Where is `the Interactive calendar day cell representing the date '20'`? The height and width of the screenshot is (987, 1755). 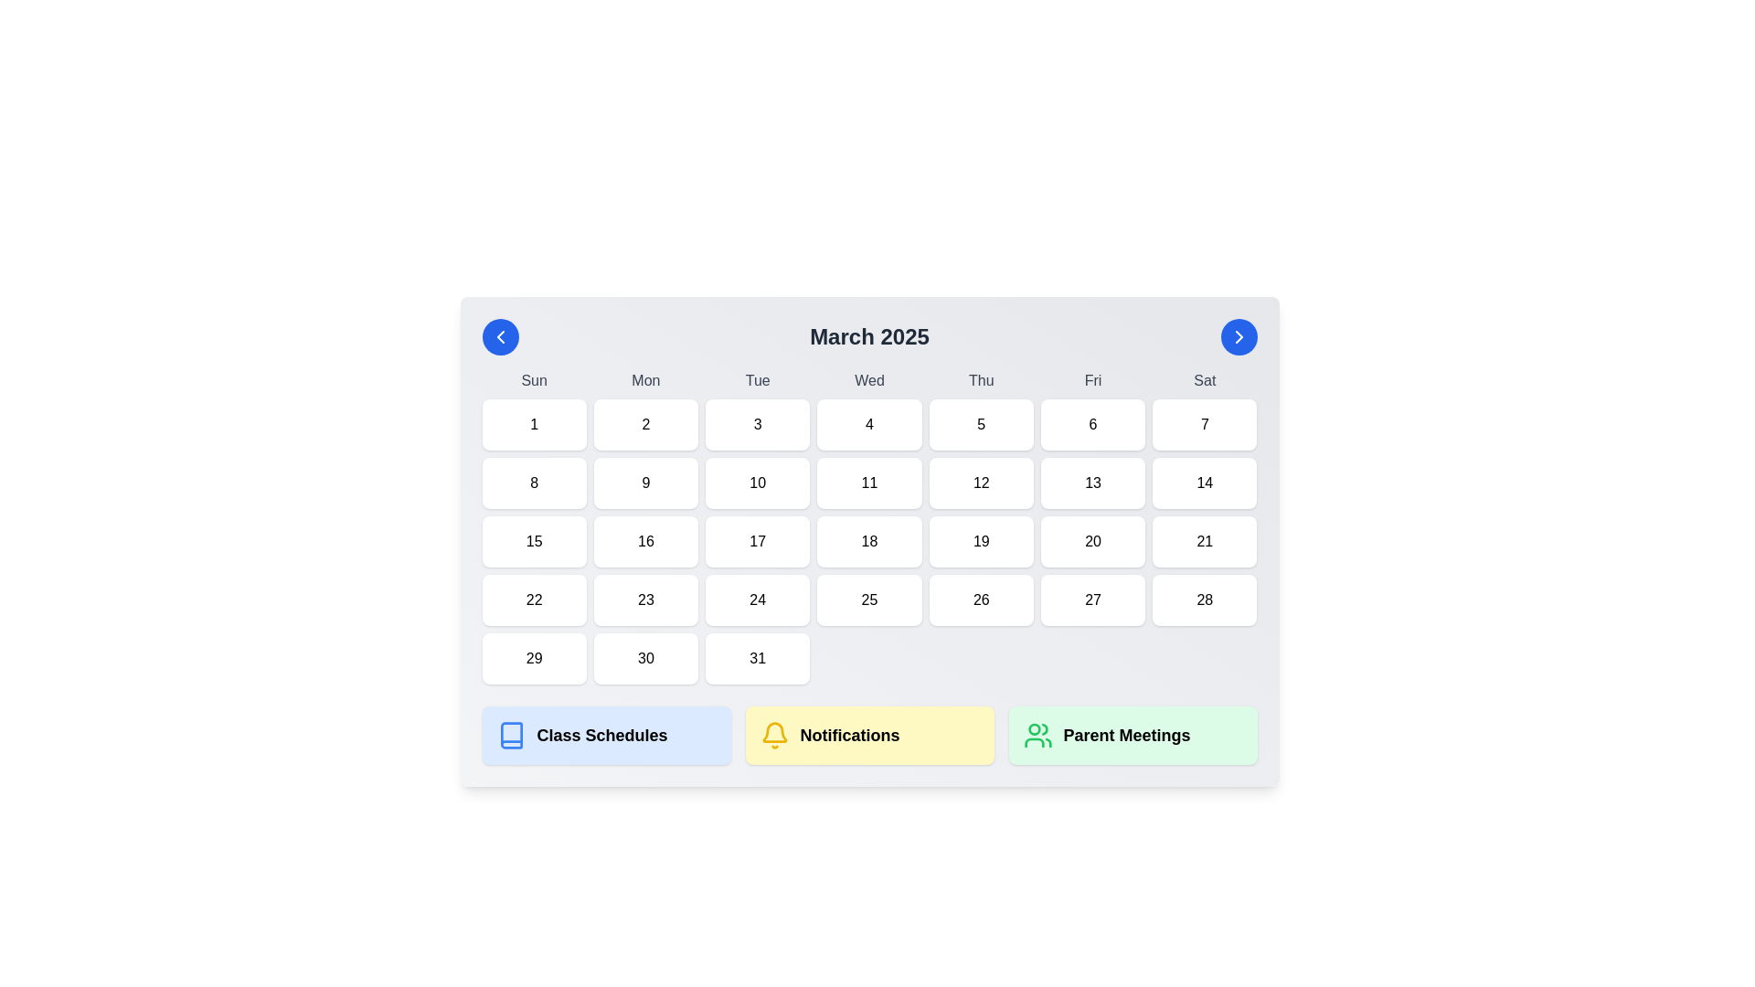 the Interactive calendar day cell representing the date '20' is located at coordinates (1092, 541).